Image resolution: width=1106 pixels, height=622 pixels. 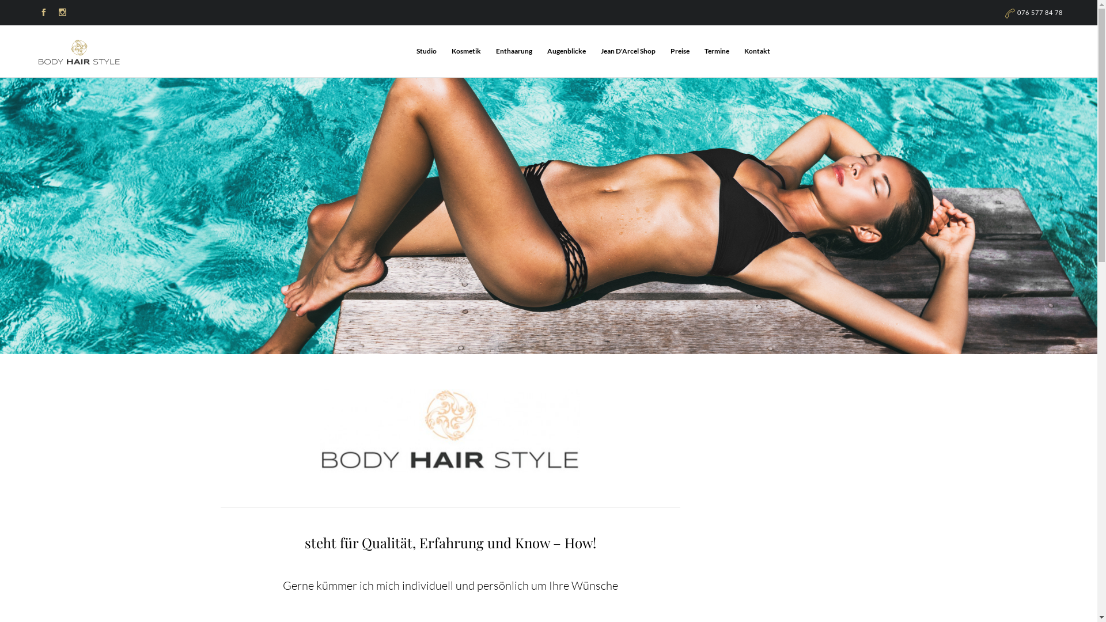 I want to click on 'Augenblicke', so click(x=568, y=50).